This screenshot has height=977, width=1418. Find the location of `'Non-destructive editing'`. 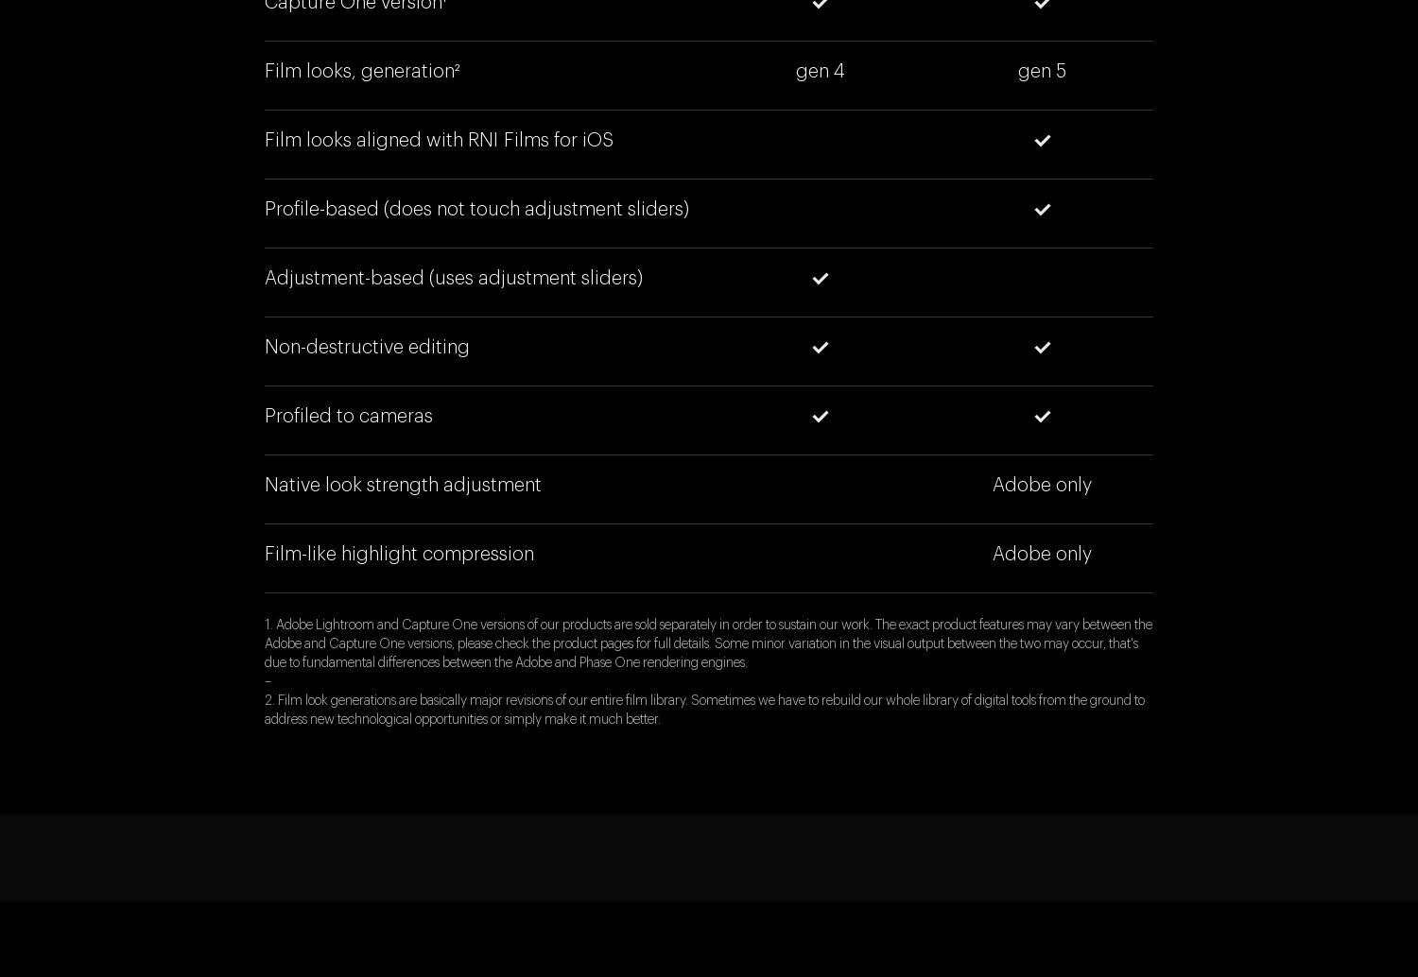

'Non-destructive editing' is located at coordinates (367, 347).